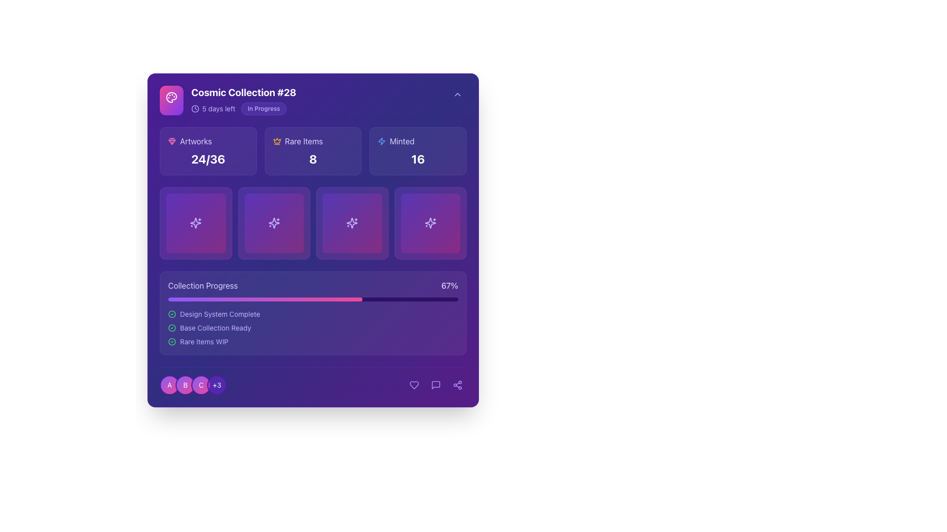 The width and height of the screenshot is (947, 532). What do you see at coordinates (196, 223) in the screenshot?
I see `the first selectable grid item or button, which has a gradient background from violet to pink and features a centrally aligned sparkles or star icon` at bounding box center [196, 223].